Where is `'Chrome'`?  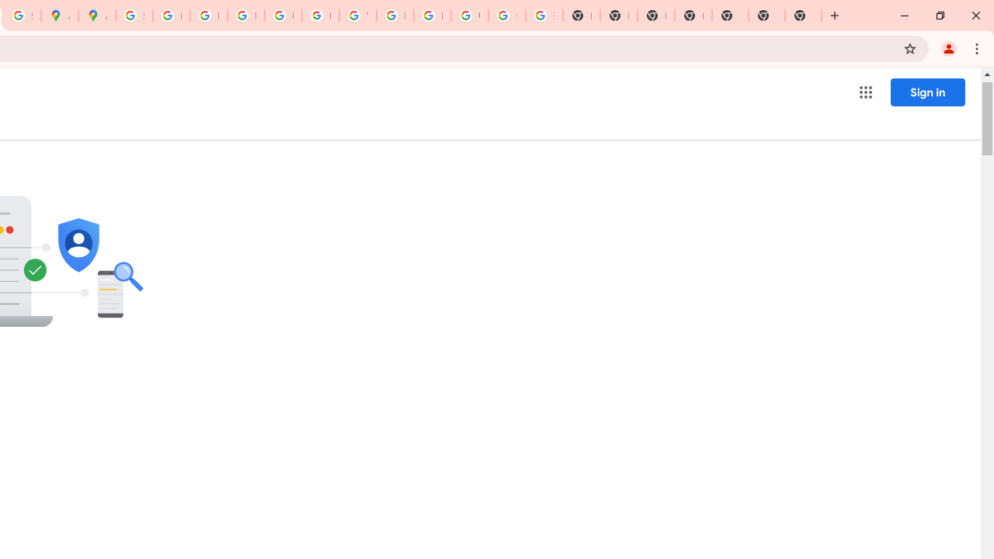
'Chrome' is located at coordinates (978, 47).